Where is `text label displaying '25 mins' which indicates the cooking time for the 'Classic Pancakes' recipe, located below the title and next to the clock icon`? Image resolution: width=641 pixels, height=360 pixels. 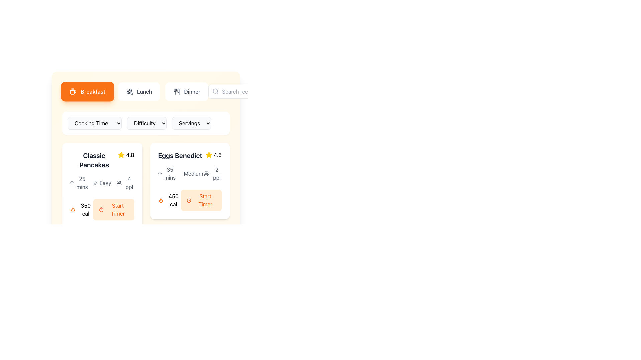
text label displaying '25 mins' which indicates the cooking time for the 'Classic Pancakes' recipe, located below the title and next to the clock icon is located at coordinates (82, 183).